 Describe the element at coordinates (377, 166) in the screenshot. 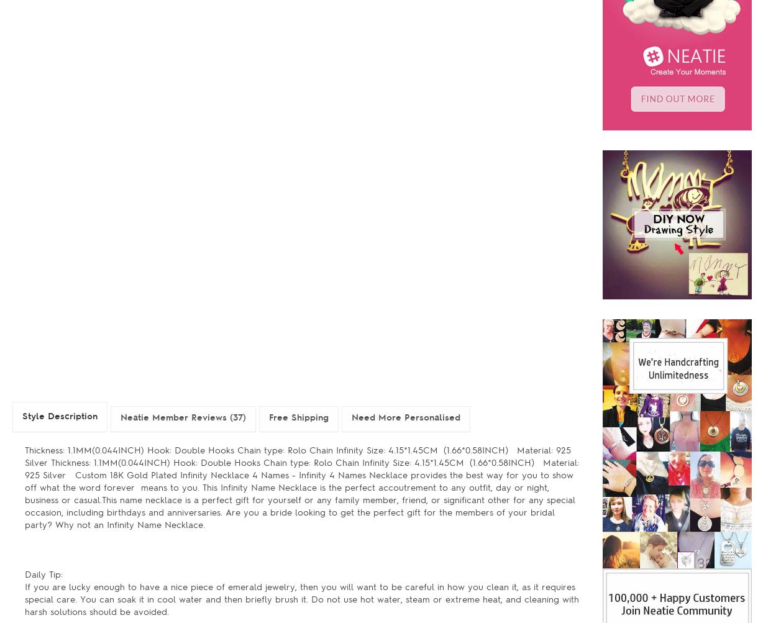

I see `'Dec.-Blue Topaz'` at that location.